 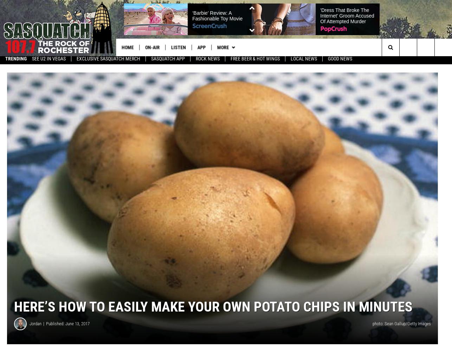 What do you see at coordinates (128, 47) in the screenshot?
I see `'Home'` at bounding box center [128, 47].